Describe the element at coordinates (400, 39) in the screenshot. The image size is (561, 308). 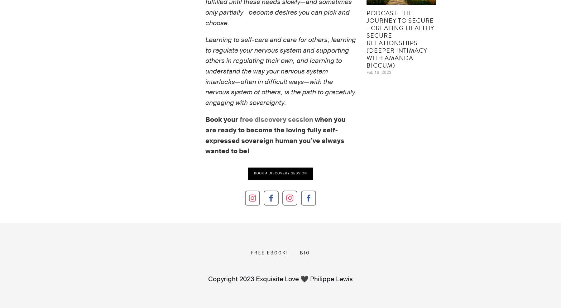
I see `'PODCAST: The Journey to Secure - Creating Healthy Secure Relationships (Deeper Intimacy with Amanda Biccum)'` at that location.